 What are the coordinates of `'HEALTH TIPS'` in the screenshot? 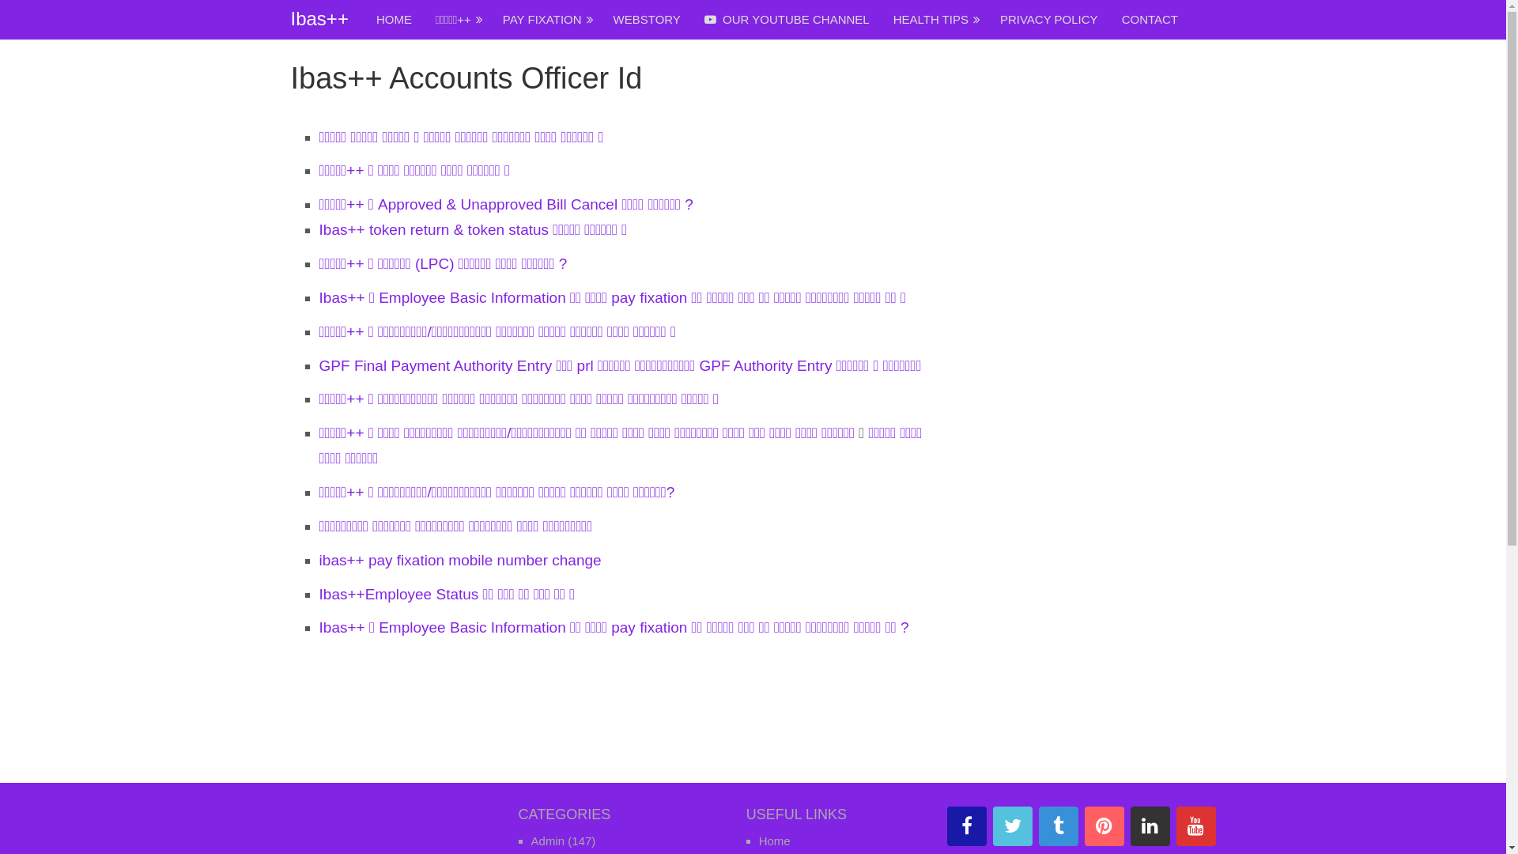 It's located at (880, 19).